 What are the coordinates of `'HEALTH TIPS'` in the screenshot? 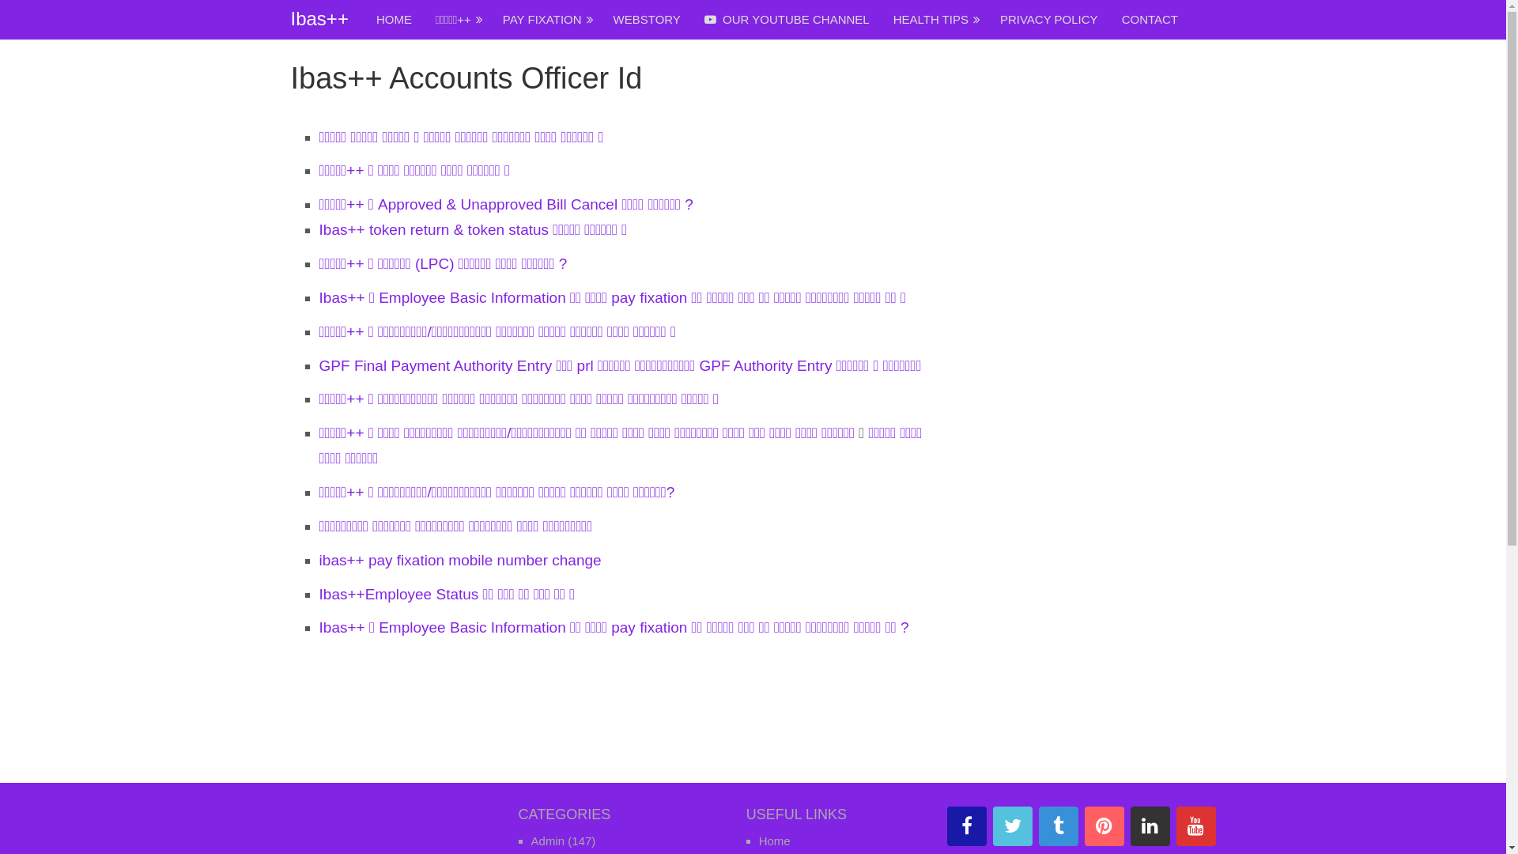 It's located at (880, 19).